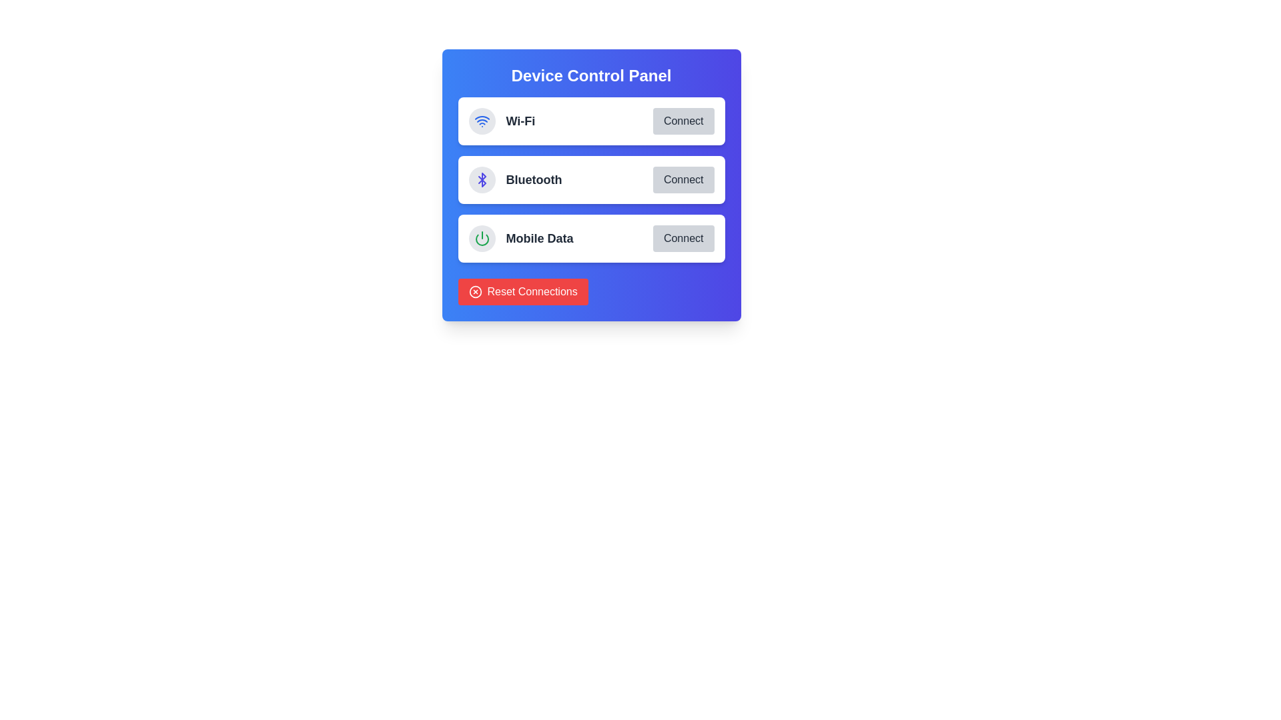  Describe the element at coordinates (520, 238) in the screenshot. I see `the Text Label with Icon indicating 'Mobile Data' located in the third row of the 'Device Control Panel', positioned between 'Bluetooth' and the 'Connect' button` at that location.